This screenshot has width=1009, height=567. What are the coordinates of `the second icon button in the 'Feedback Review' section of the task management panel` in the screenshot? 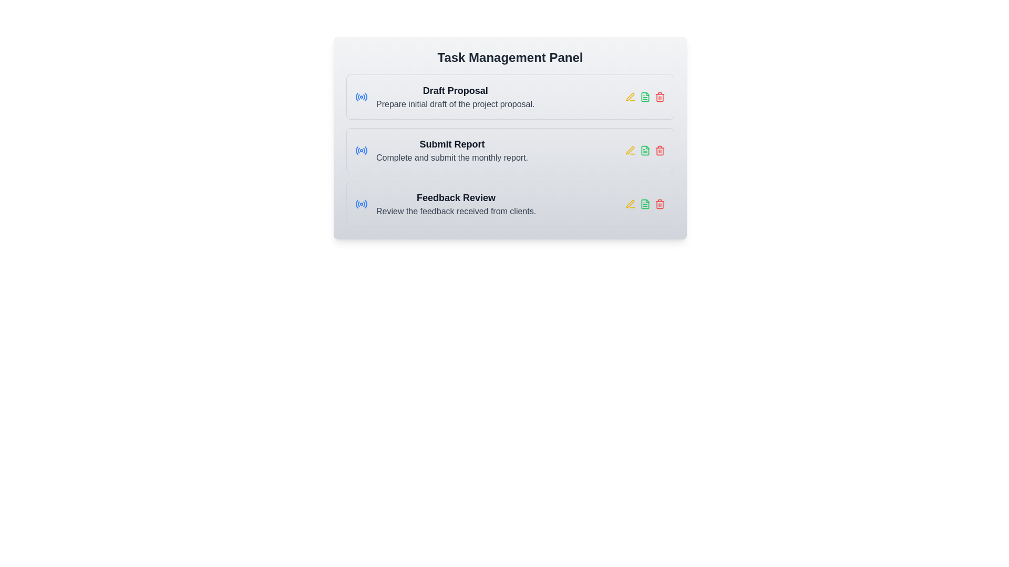 It's located at (645, 204).